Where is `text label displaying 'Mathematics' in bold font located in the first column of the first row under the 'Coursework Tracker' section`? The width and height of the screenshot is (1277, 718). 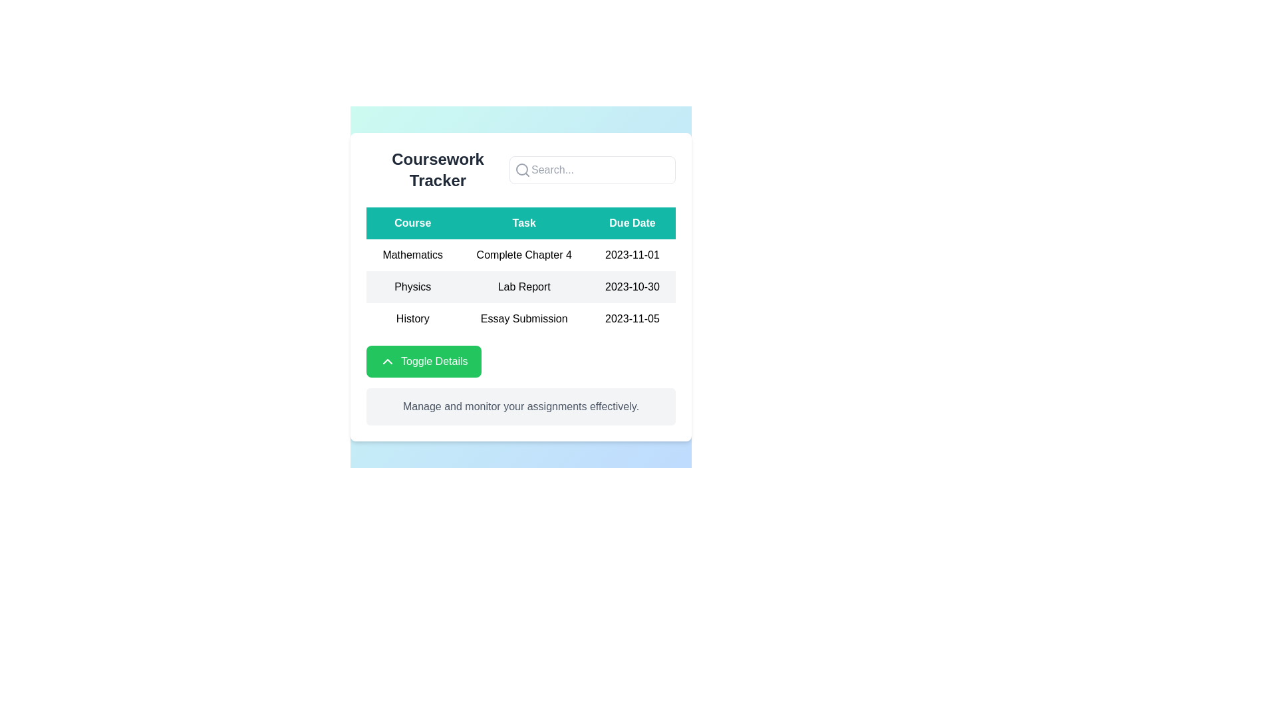 text label displaying 'Mathematics' in bold font located in the first column of the first row under the 'Coursework Tracker' section is located at coordinates (412, 255).